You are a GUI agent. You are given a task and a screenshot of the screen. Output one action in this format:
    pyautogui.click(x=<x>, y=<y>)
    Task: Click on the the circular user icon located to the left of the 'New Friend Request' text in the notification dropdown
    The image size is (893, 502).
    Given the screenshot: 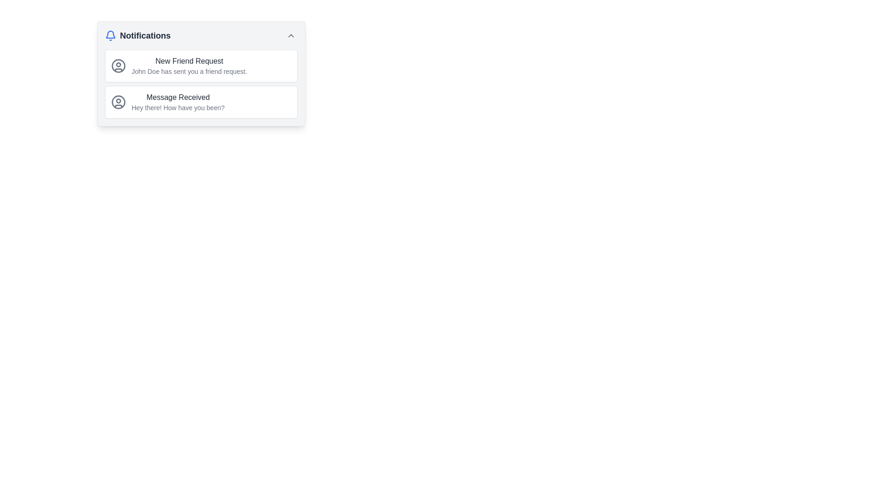 What is the action you would take?
    pyautogui.click(x=118, y=66)
    